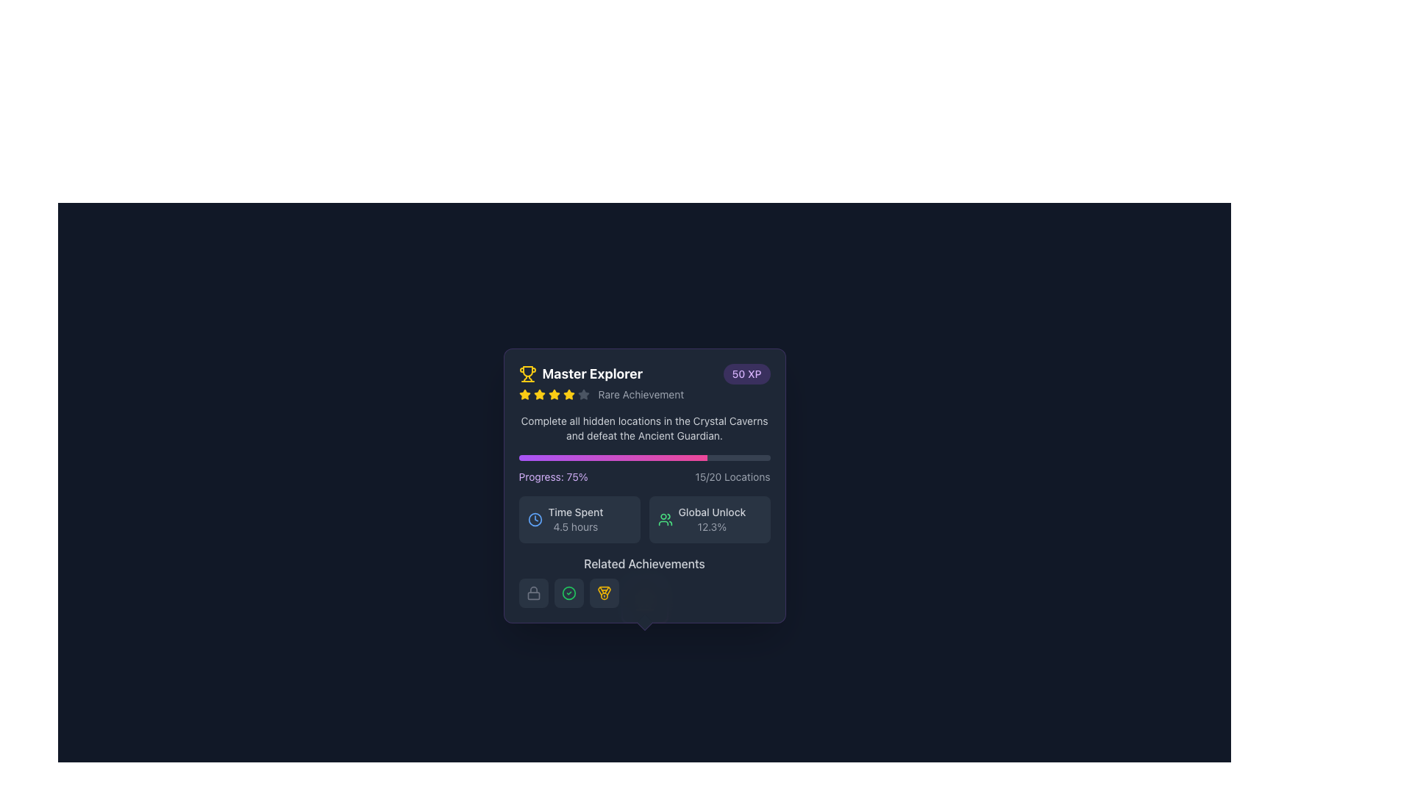  What do you see at coordinates (644, 580) in the screenshot?
I see `informational section located at the bottom of the achievement details card, which provides additional related information or options connected to the main achievement` at bounding box center [644, 580].